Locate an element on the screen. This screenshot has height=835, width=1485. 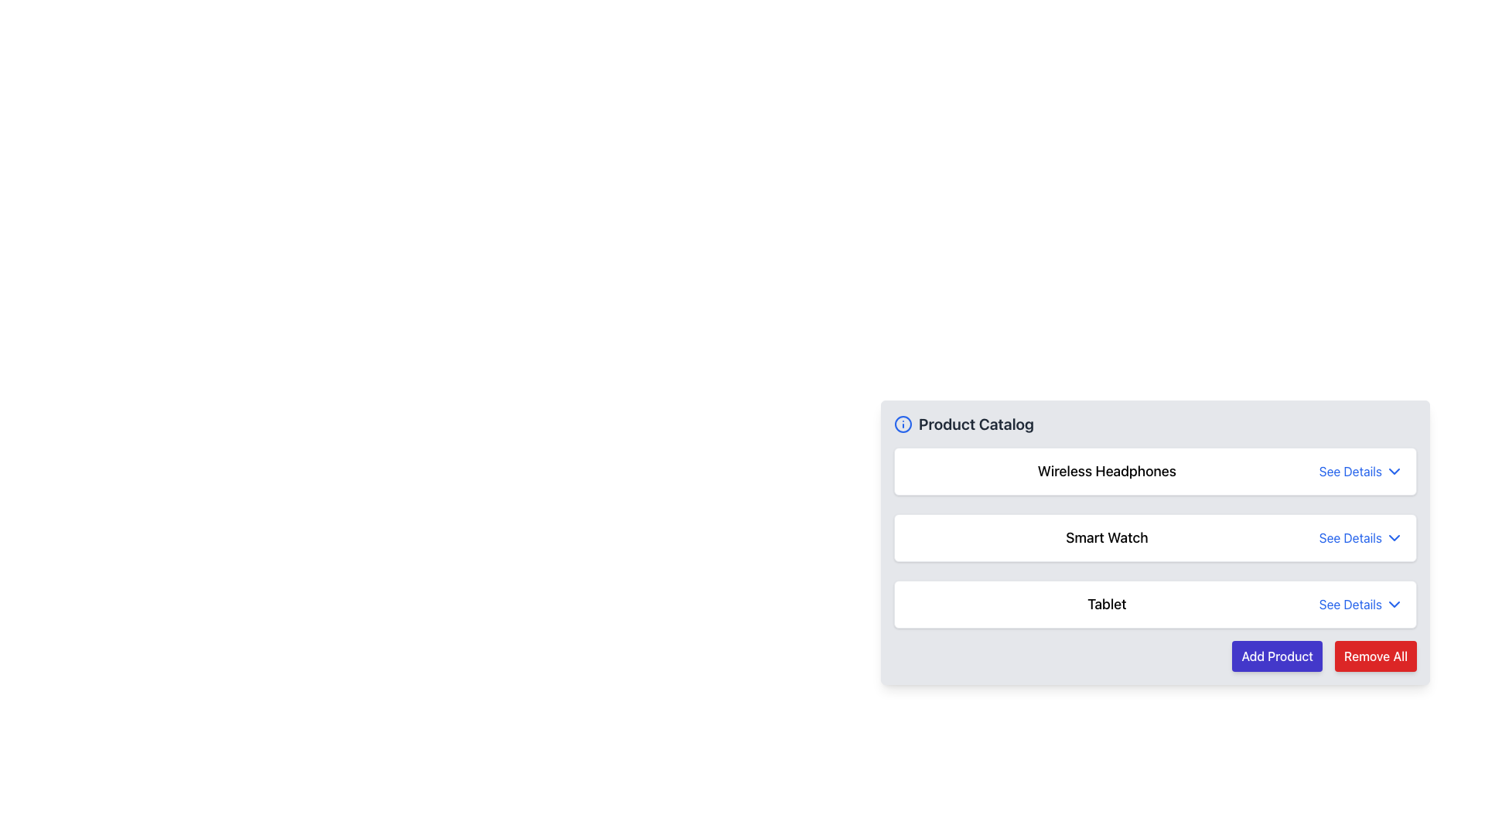
the red button labeled 'Remove All' to observe its hover effects is located at coordinates (1376, 656).